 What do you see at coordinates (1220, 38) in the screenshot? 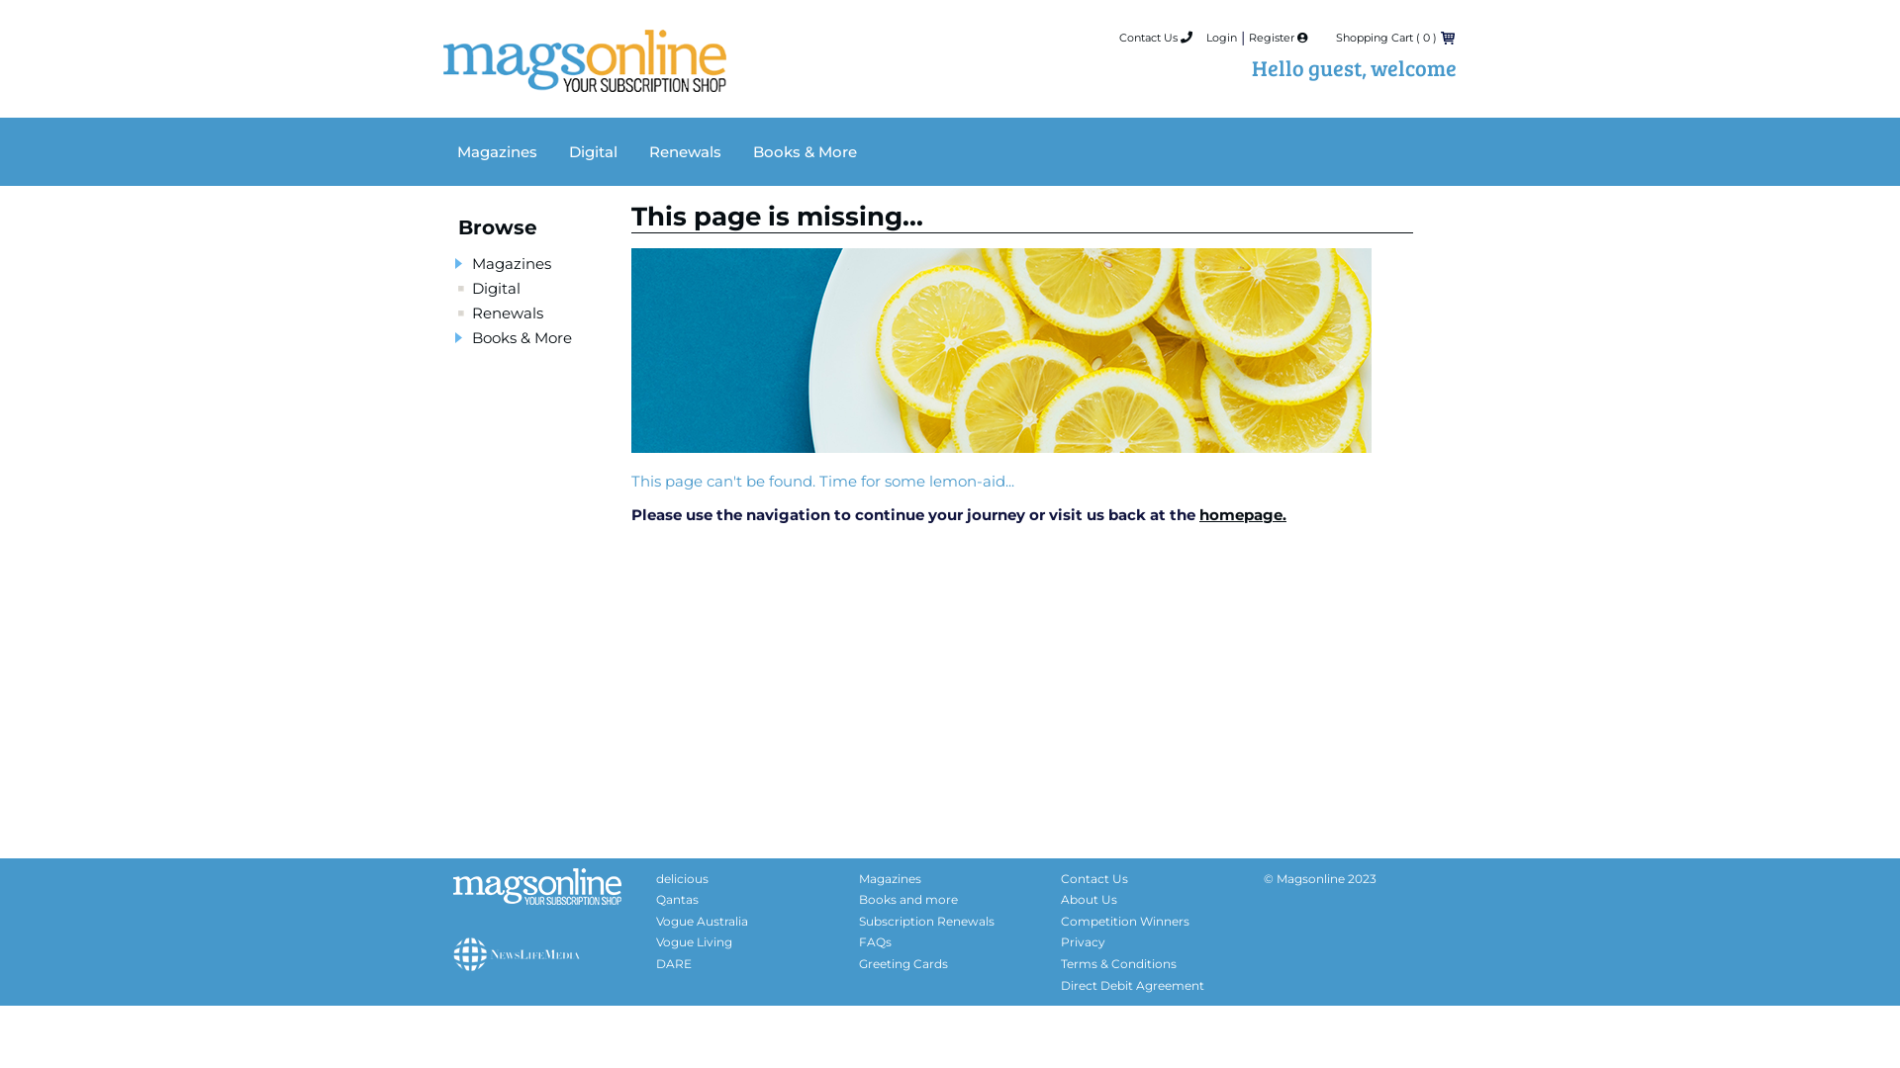
I see `'Login'` at bounding box center [1220, 38].